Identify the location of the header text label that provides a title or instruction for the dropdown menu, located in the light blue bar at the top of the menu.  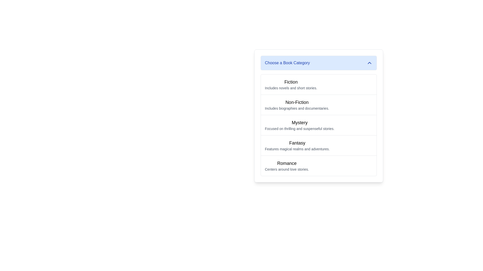
(287, 62).